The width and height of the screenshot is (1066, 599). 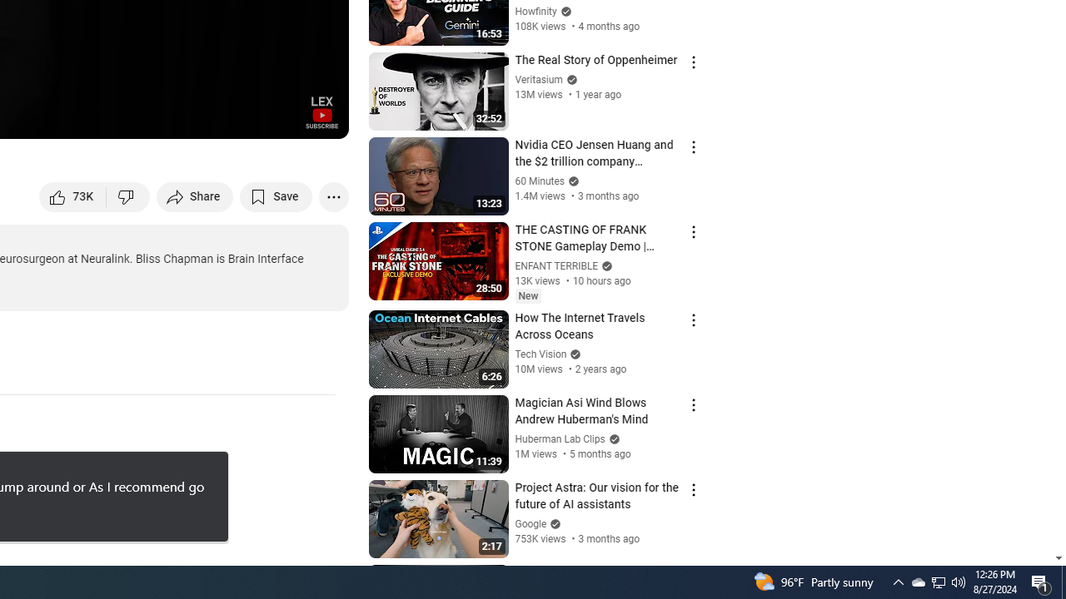 What do you see at coordinates (158, 117) in the screenshot?
I see `'Subtitles/closed captions unavailable'` at bounding box center [158, 117].